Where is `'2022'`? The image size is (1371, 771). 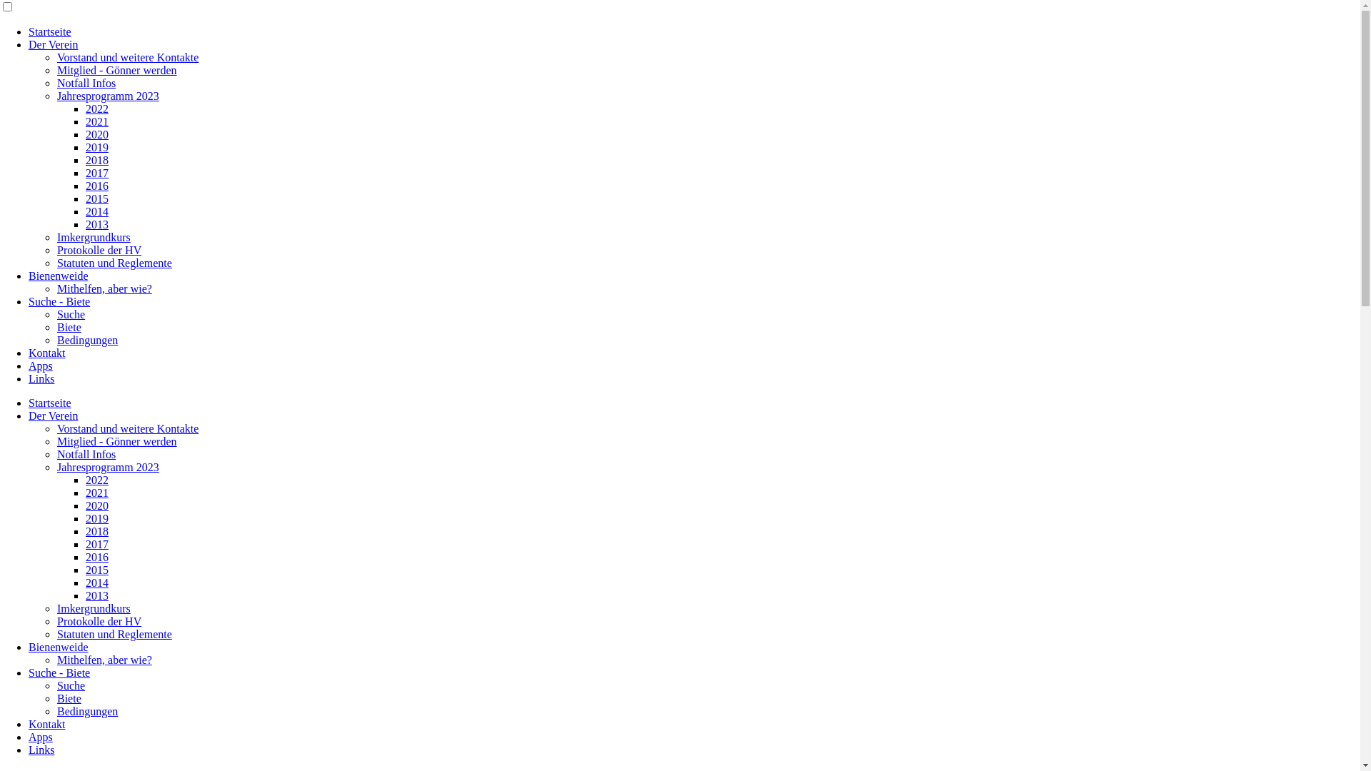 '2022' is located at coordinates (96, 108).